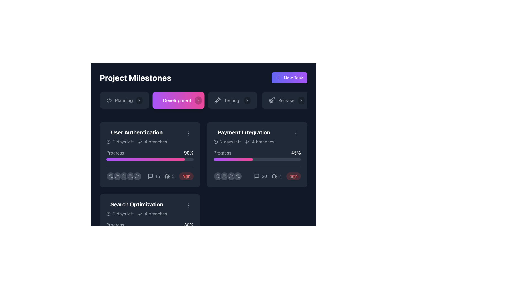  I want to click on the vertical ellipsis icon located in the upper right corner of the 'User Authentication' card, so click(189, 133).